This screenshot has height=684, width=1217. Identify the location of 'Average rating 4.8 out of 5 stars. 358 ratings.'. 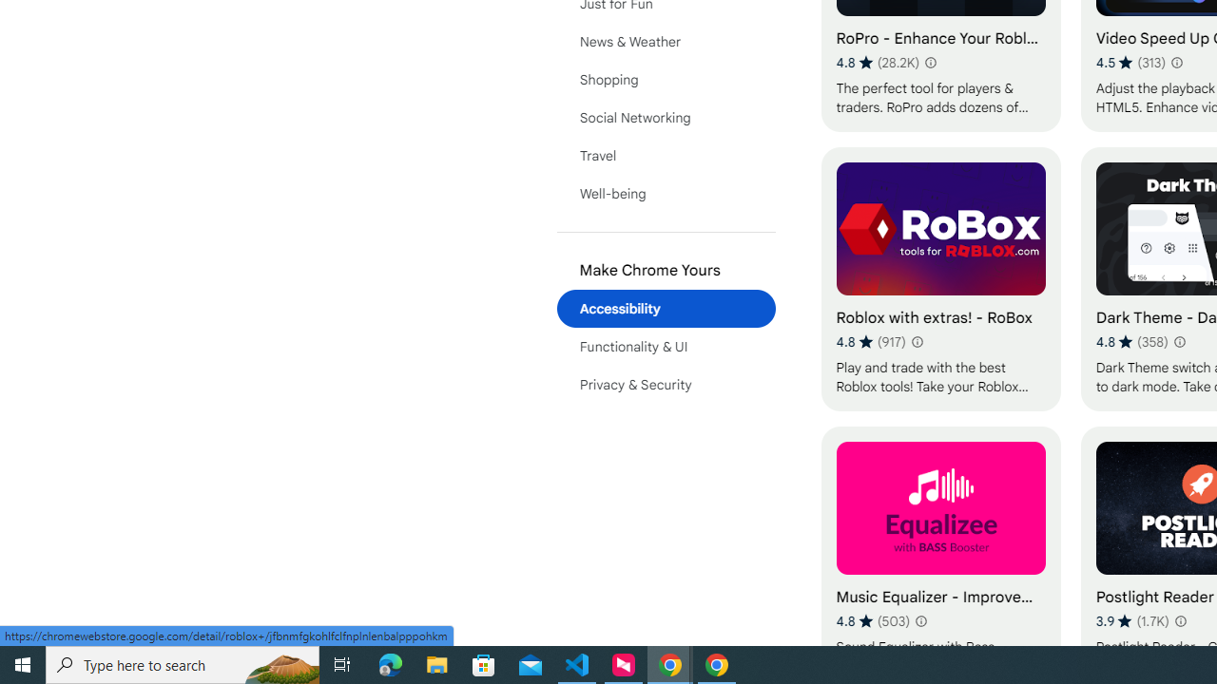
(1131, 342).